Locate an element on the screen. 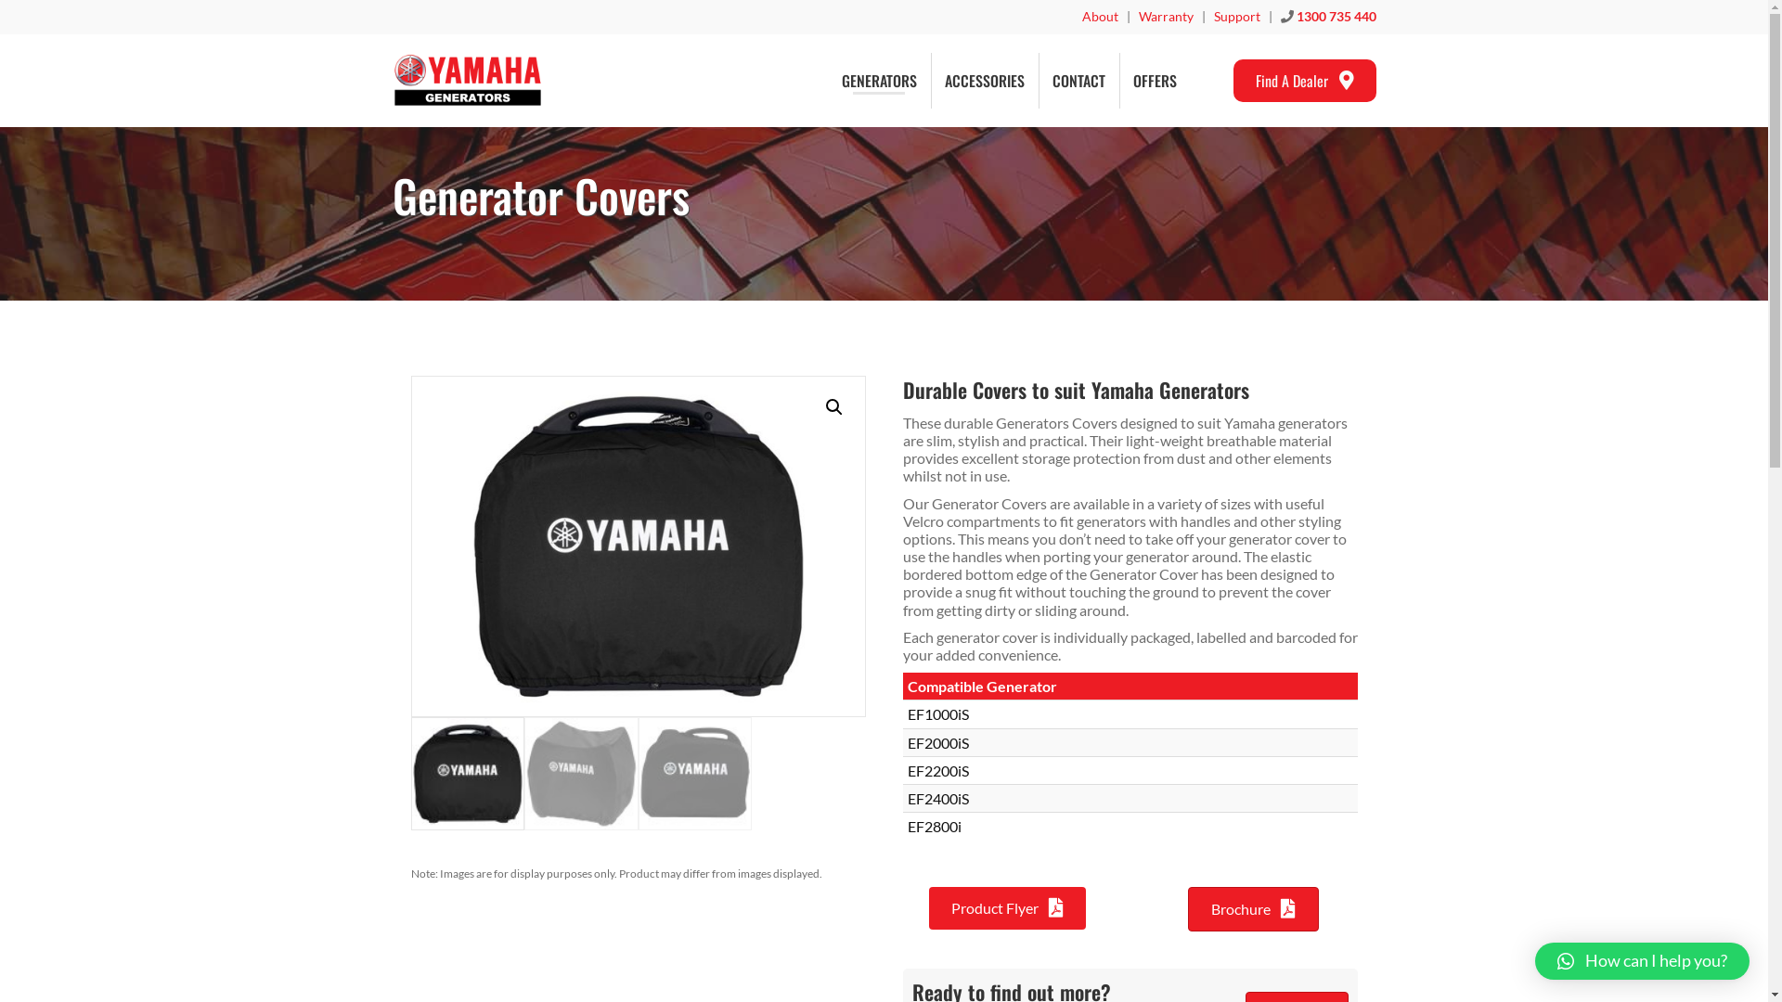 This screenshot has width=1782, height=1002. 'Brochure' is located at coordinates (1253, 907).